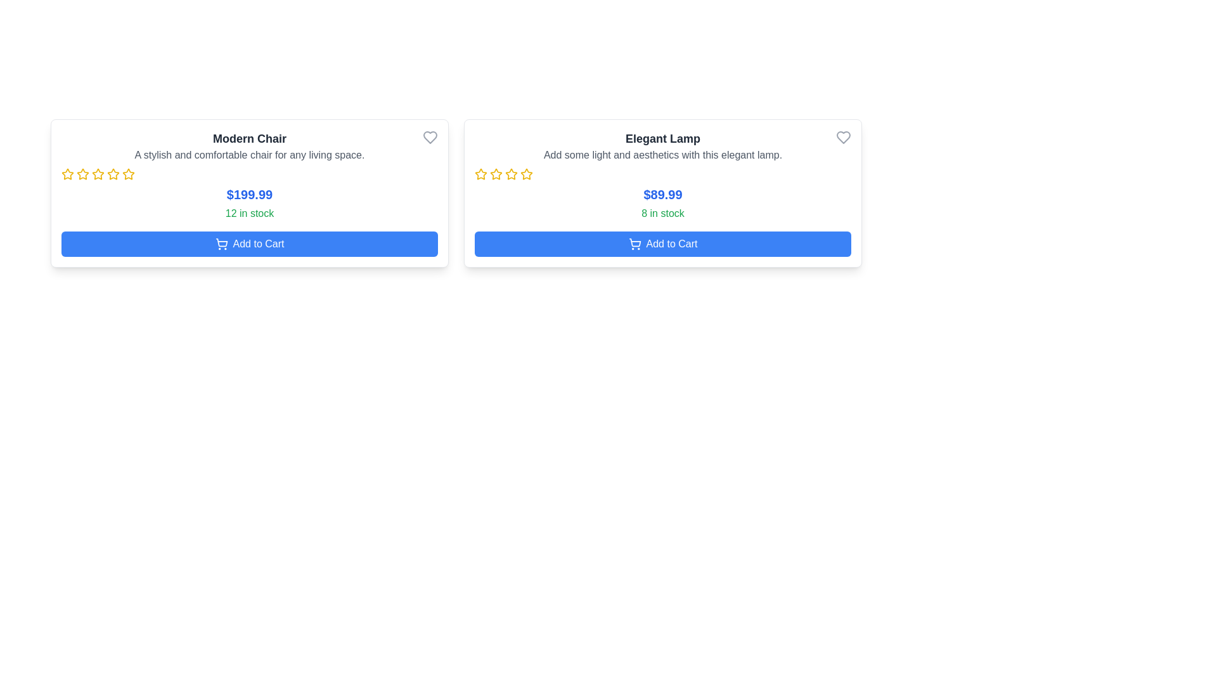 This screenshot has height=685, width=1217. What do you see at coordinates (128, 174) in the screenshot?
I see `on the yellow star icon, which is the second star in a horizontal row of five stars` at bounding box center [128, 174].